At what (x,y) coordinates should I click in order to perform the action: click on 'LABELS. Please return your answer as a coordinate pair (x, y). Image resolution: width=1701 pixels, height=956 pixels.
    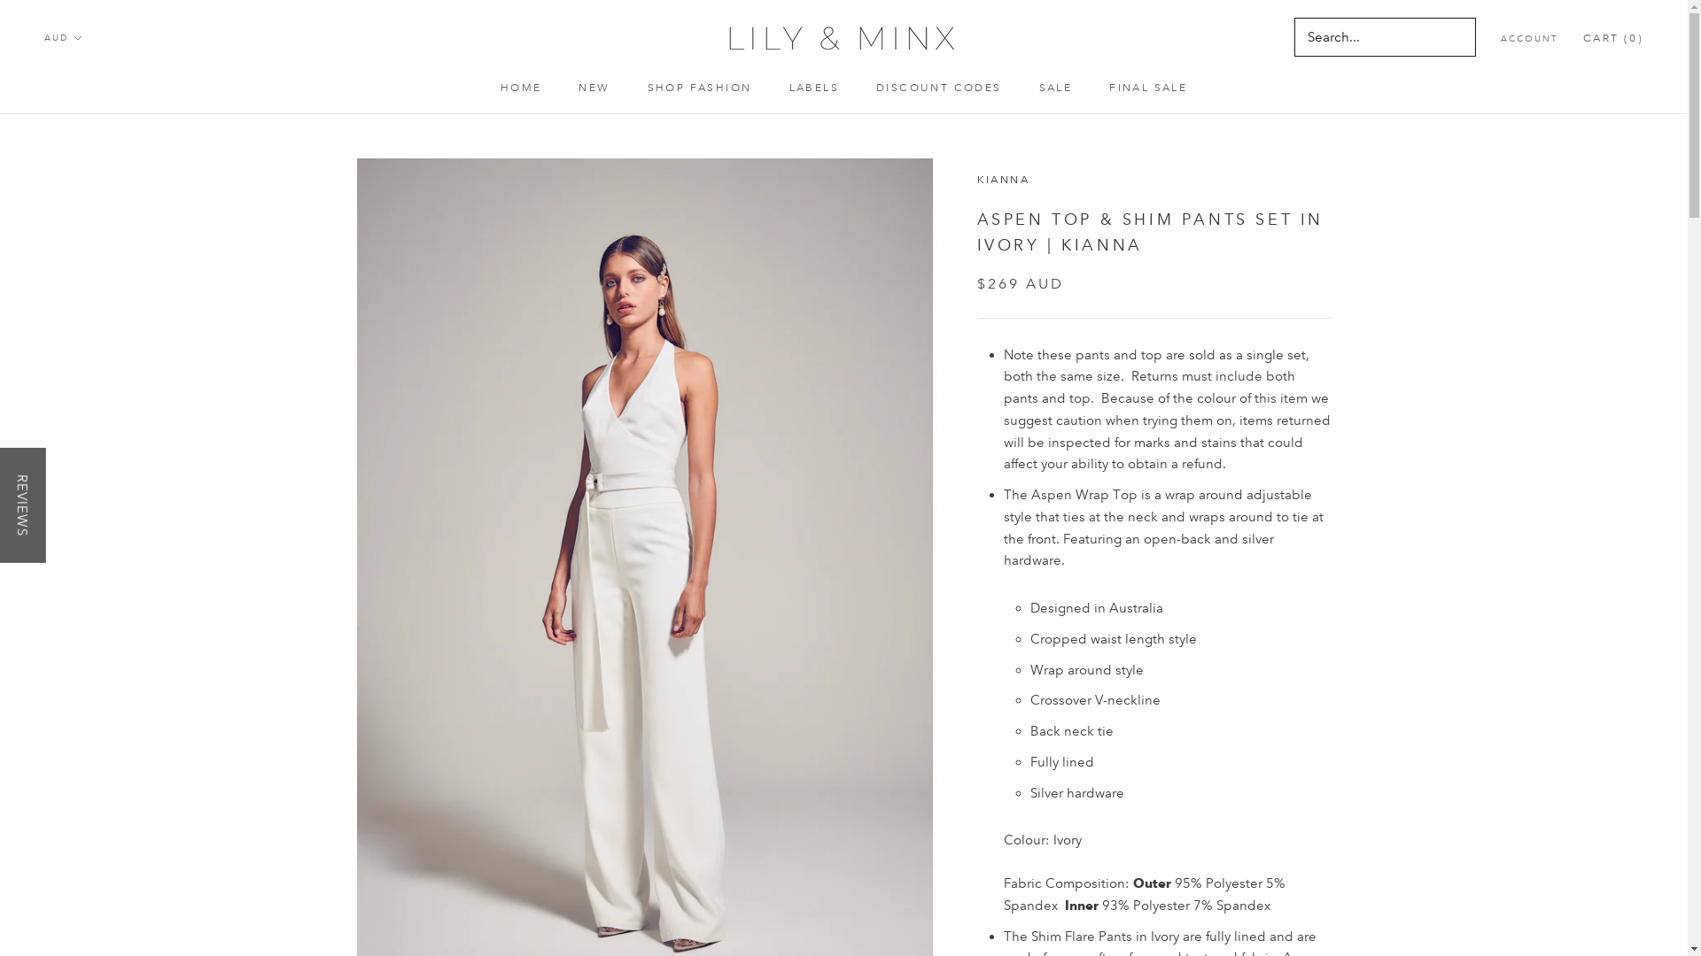
    Looking at the image, I should click on (787, 88).